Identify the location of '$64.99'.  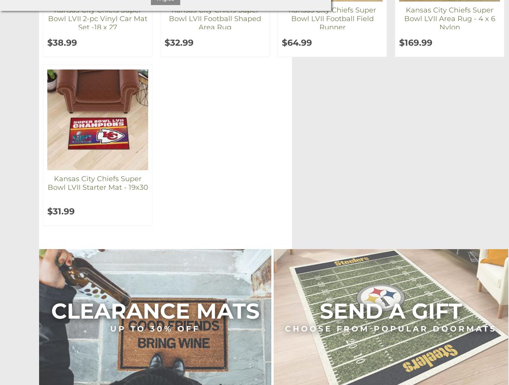
(296, 43).